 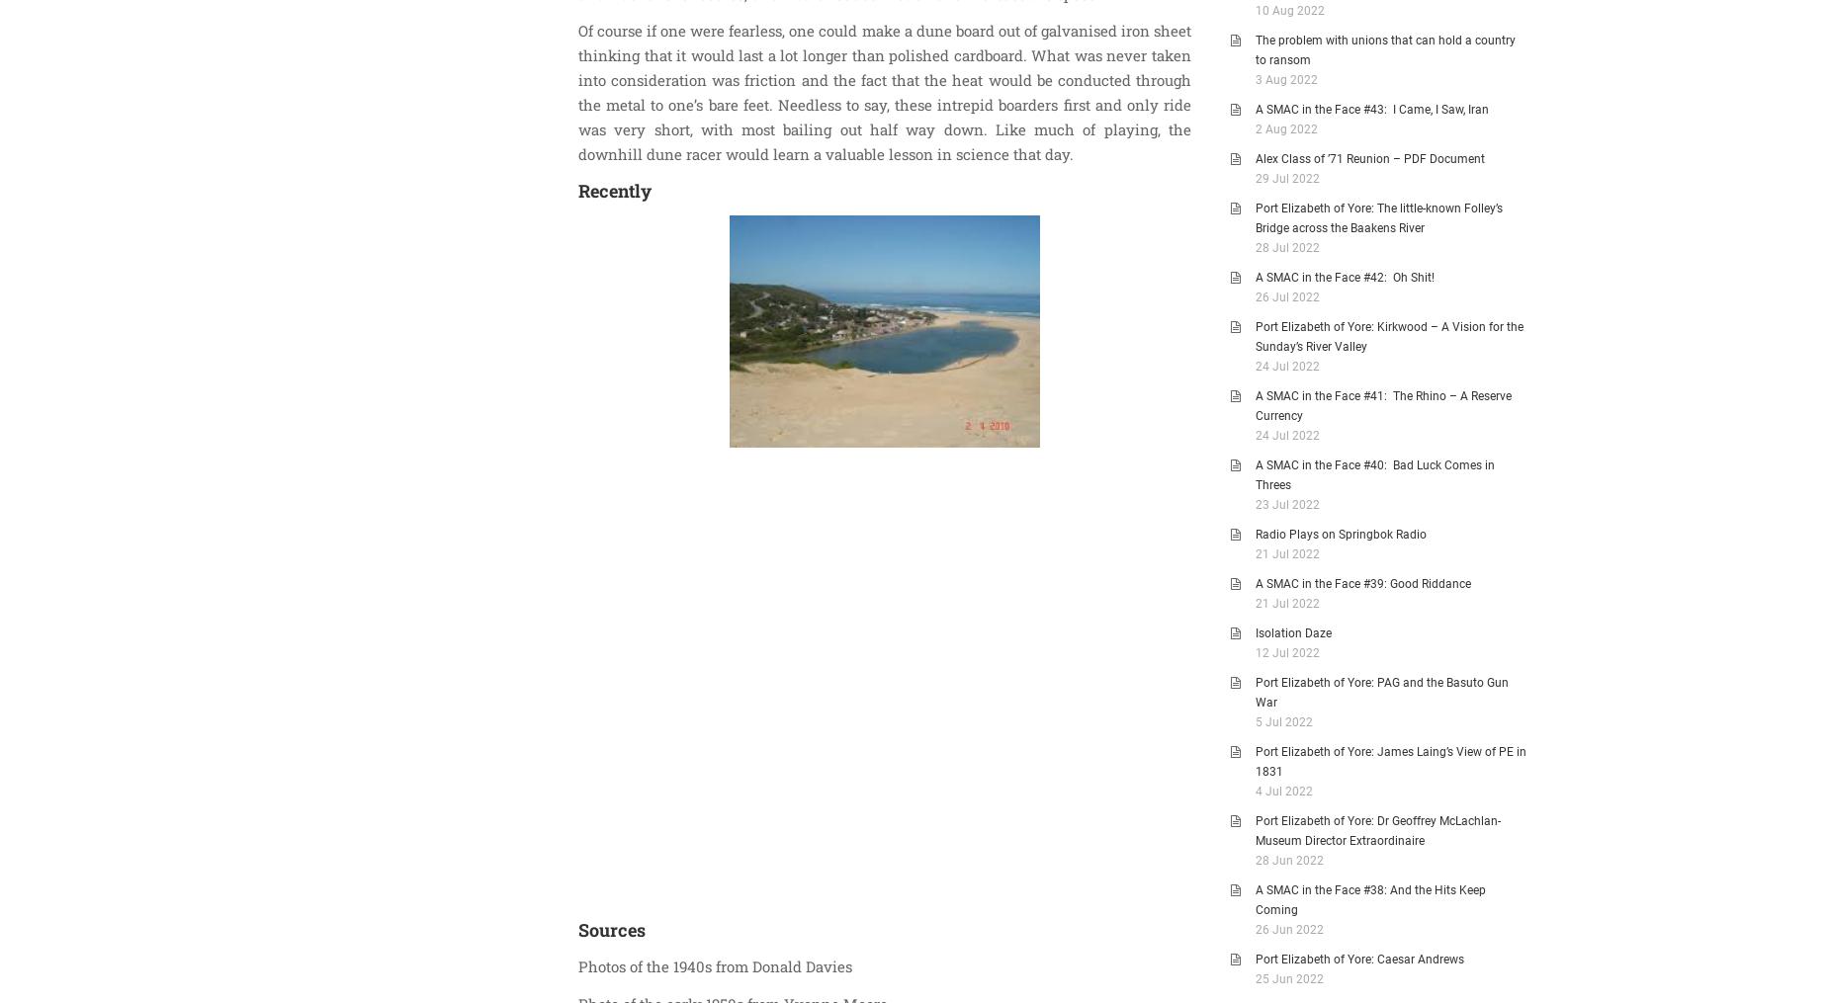 I want to click on 'Port Elizabeth of Yore: Caesar Andrews', so click(x=1358, y=960).